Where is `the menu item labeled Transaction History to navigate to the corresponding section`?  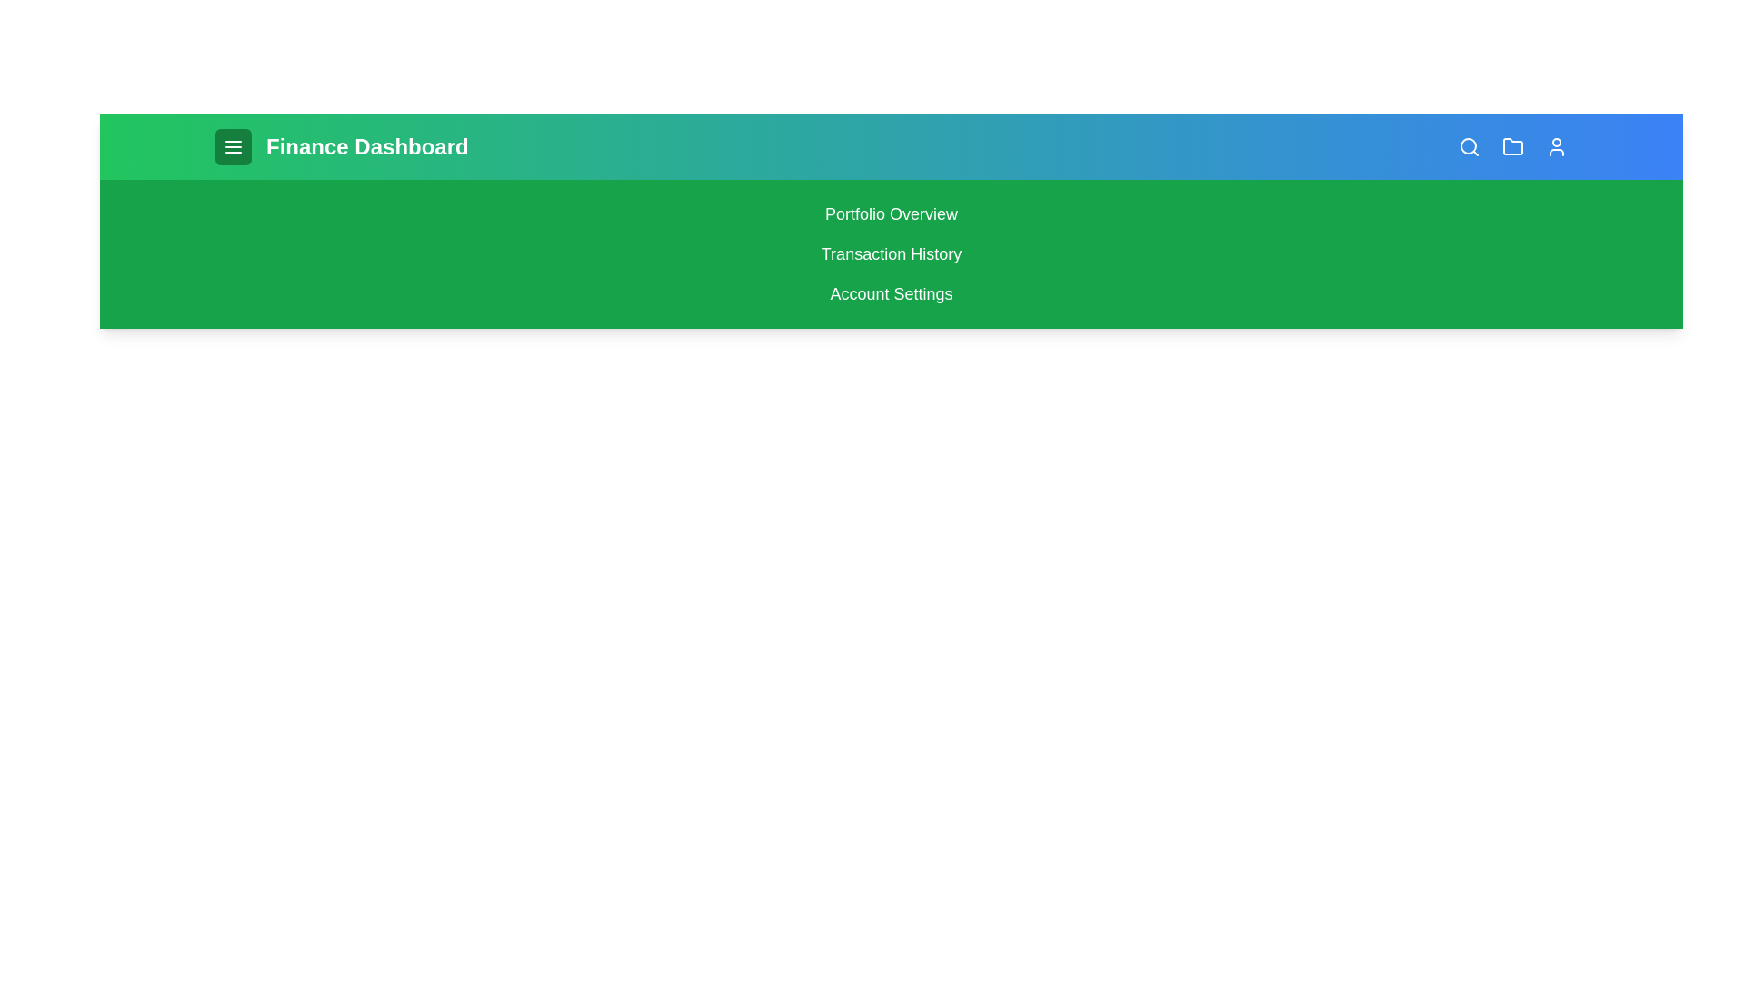
the menu item labeled Transaction History to navigate to the corresponding section is located at coordinates (891, 254).